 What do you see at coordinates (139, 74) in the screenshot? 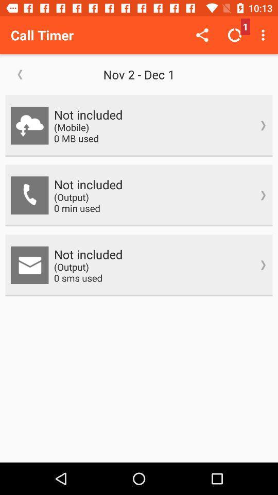
I see `the nov 2 dec icon` at bounding box center [139, 74].